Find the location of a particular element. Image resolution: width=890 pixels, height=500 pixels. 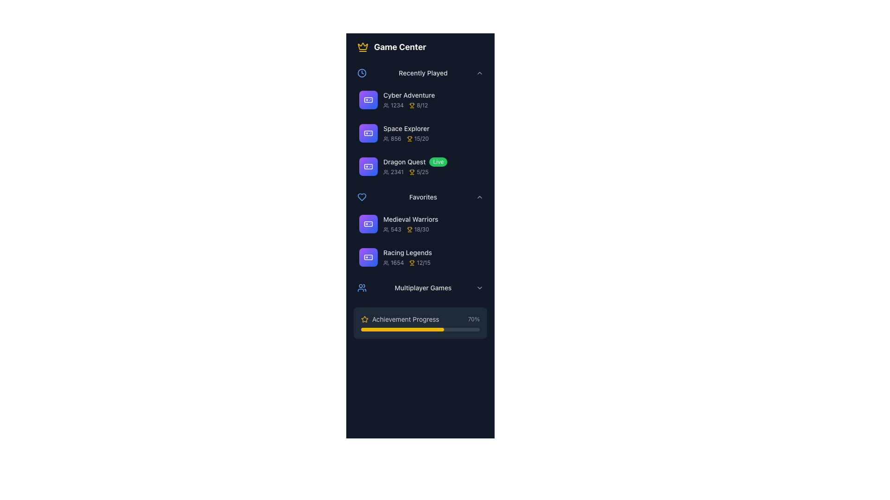

the group of users icon located in the 'Recently Played' section, which is associated with the text '856' for 'Space Explorer' is located at coordinates (386, 139).